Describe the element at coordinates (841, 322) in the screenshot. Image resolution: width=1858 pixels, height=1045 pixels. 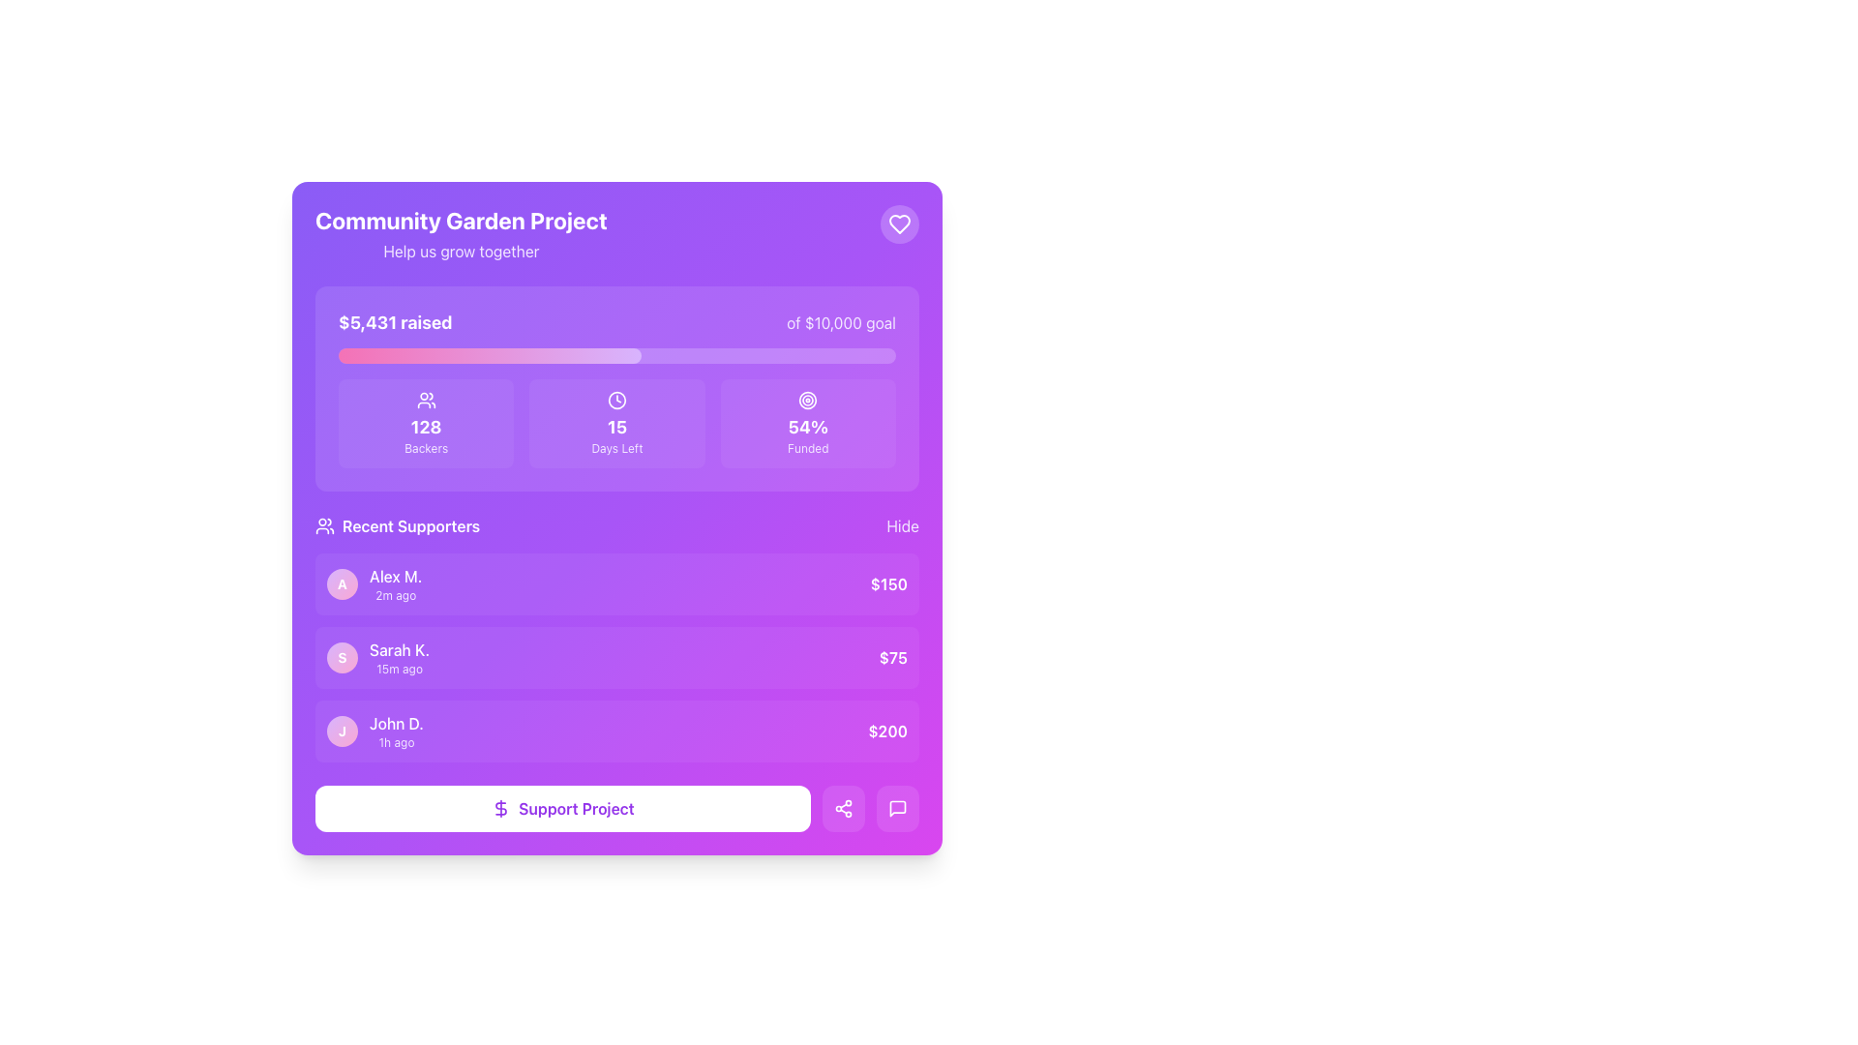
I see `the static text reading 'of $10,000 goal', which is styled in light purple and located to the right of the '$5,431 raised' figure in the fundraising progress section` at that location.